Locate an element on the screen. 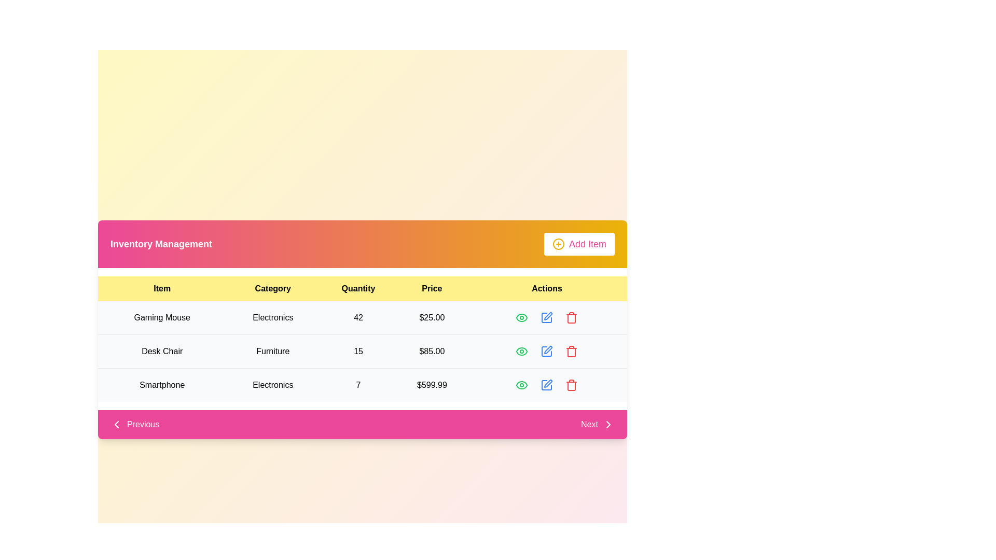 This screenshot has width=996, height=560. the 'Category' text header, which is displayed in bold black text on a yellow background, located in the second position among five sibling headers in the table is located at coordinates (273, 288).